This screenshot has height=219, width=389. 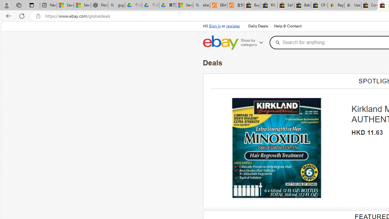 What do you see at coordinates (336, 5) in the screenshot?
I see `'Register: Create a personal eBay account'` at bounding box center [336, 5].